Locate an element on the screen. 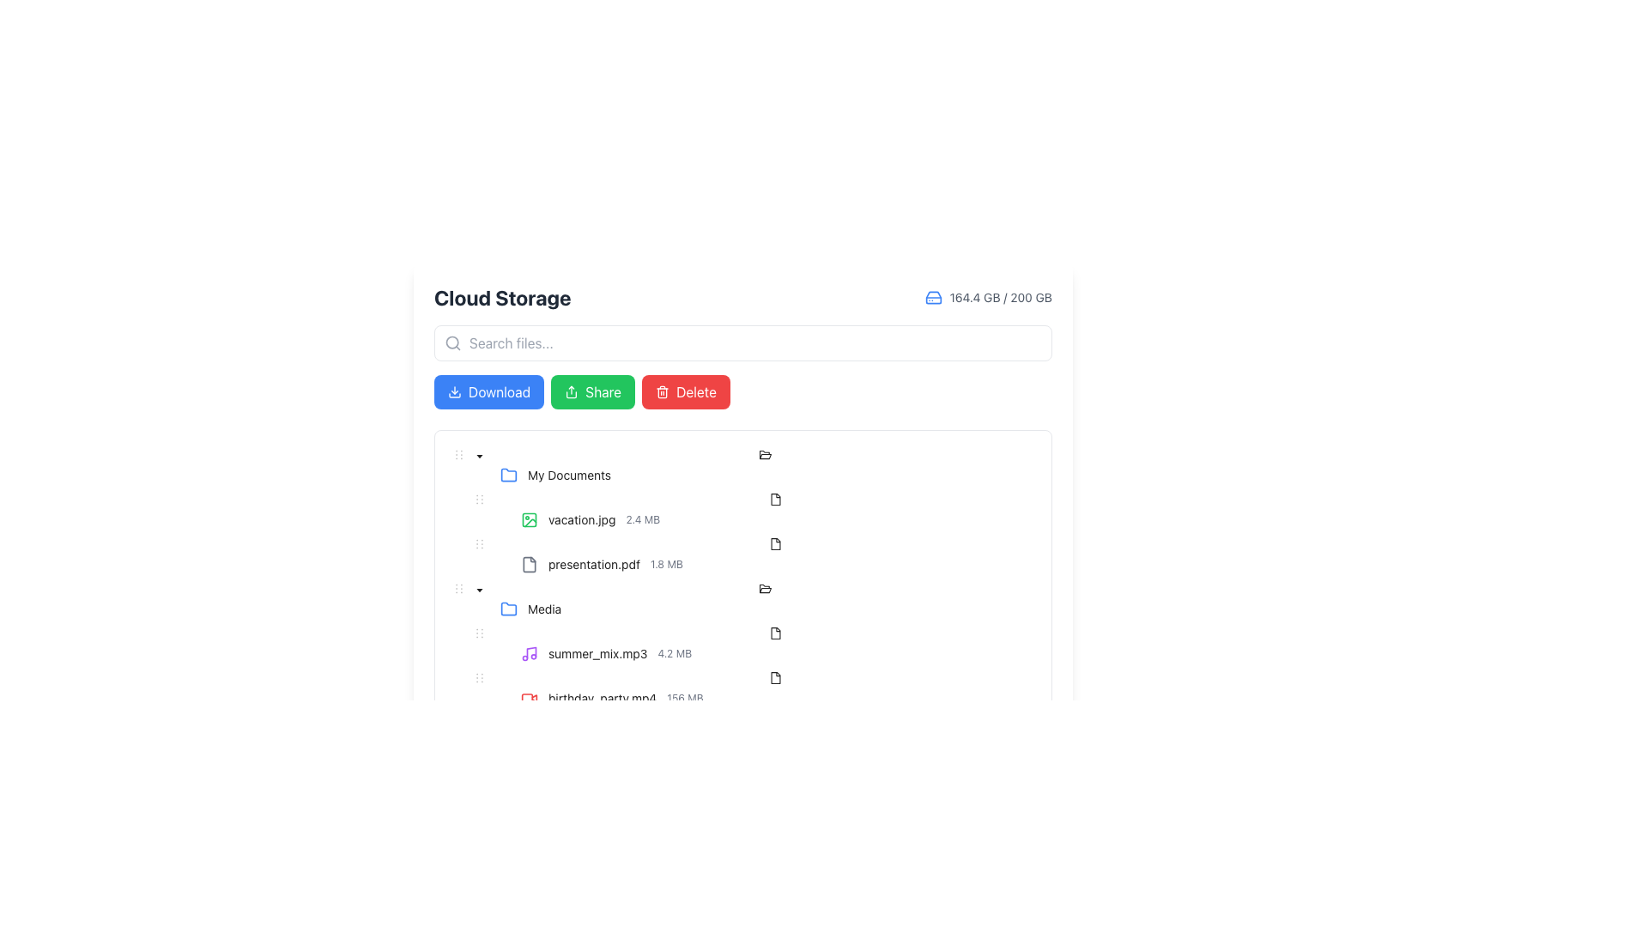  the second row in the 'My Documents' folder file listing representing the file entry 'vacation.jpg' is located at coordinates (774, 509).